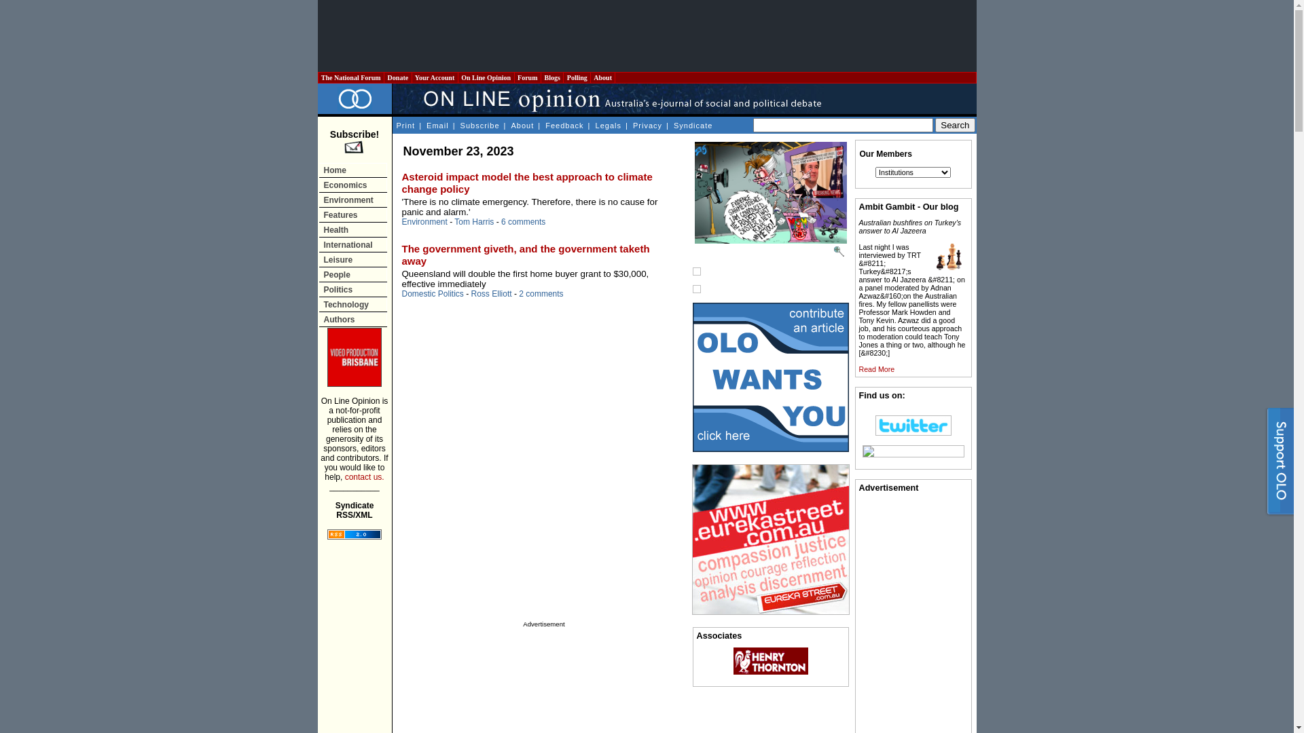 The height and width of the screenshot is (733, 1304). What do you see at coordinates (876, 369) in the screenshot?
I see `'Read More'` at bounding box center [876, 369].